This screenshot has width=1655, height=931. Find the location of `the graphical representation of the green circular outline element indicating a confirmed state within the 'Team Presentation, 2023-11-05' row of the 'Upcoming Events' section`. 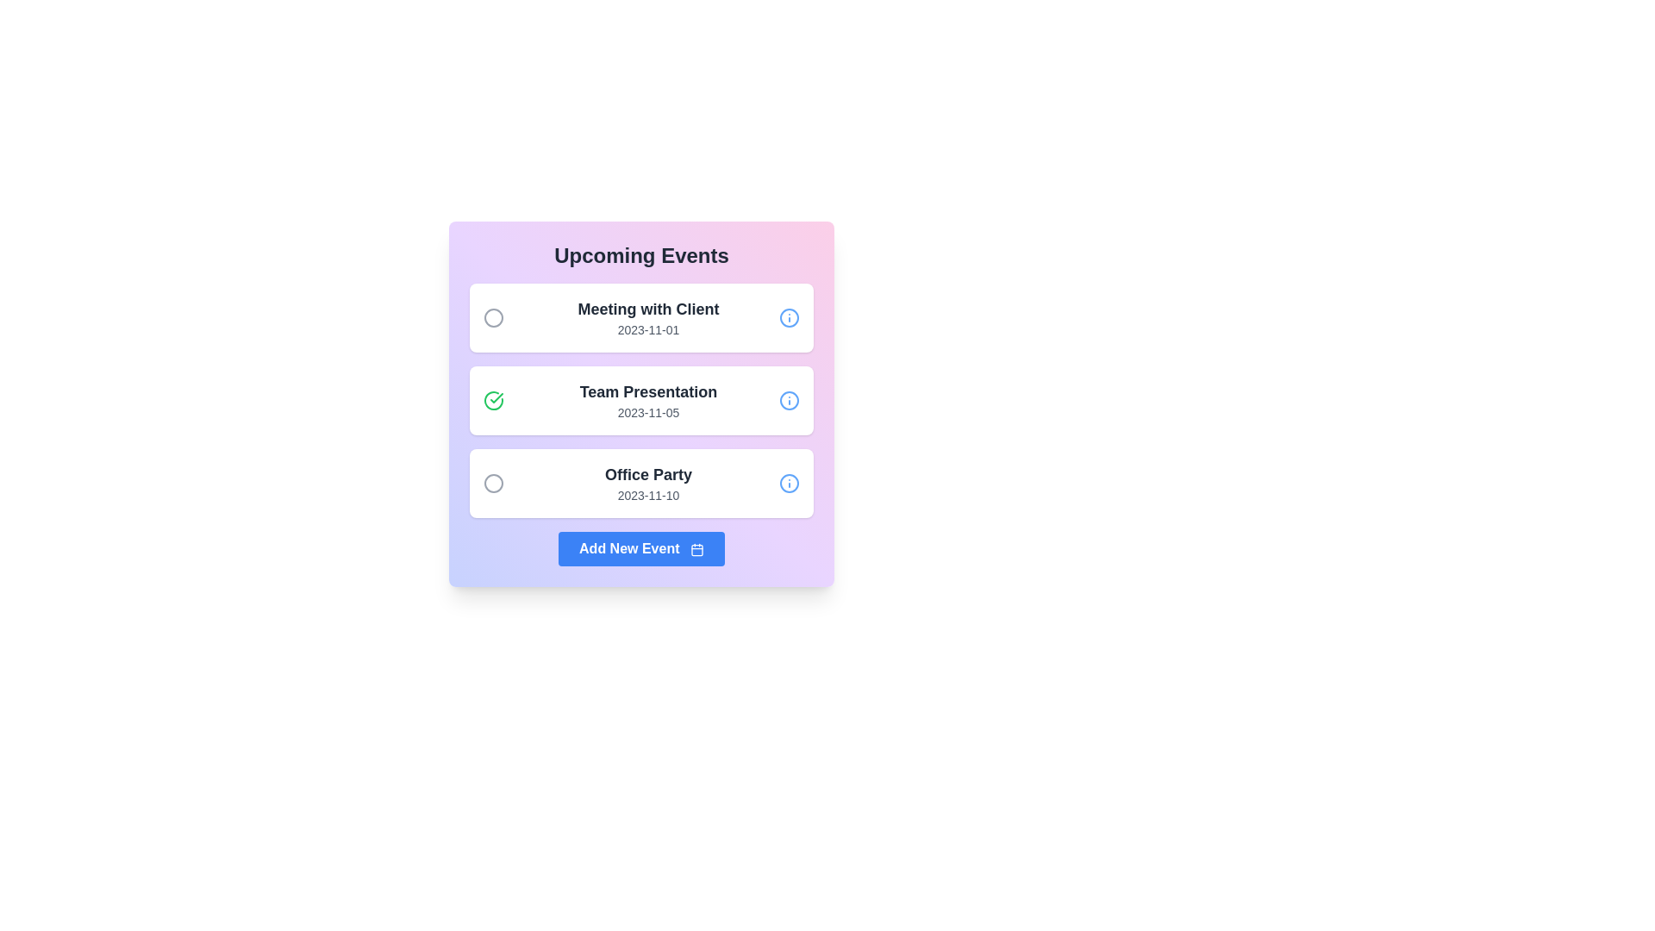

the graphical representation of the green circular outline element indicating a confirmed state within the 'Team Presentation, 2023-11-05' row of the 'Upcoming Events' section is located at coordinates (492, 401).